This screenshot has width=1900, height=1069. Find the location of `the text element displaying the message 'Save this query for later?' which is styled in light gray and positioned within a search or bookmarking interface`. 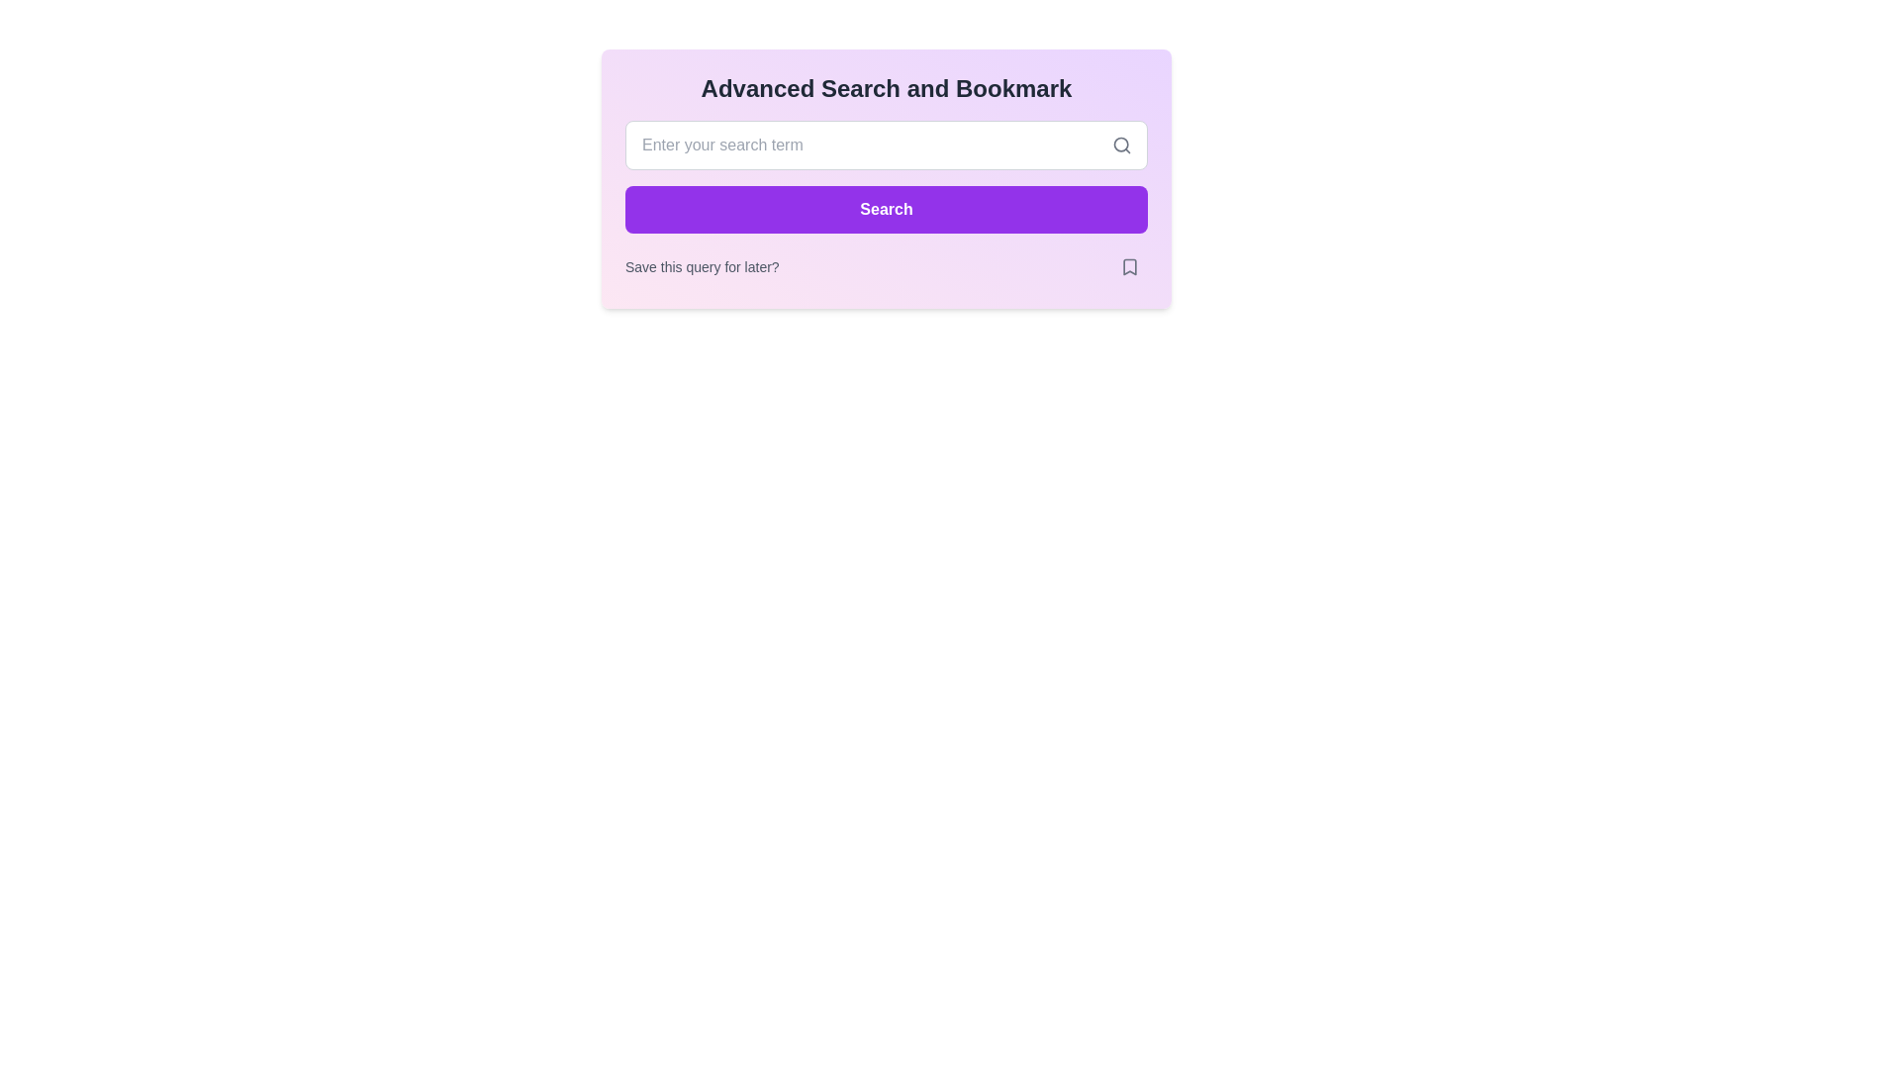

the text element displaying the message 'Save this query for later?' which is styled in light gray and positioned within a search or bookmarking interface is located at coordinates (702, 267).